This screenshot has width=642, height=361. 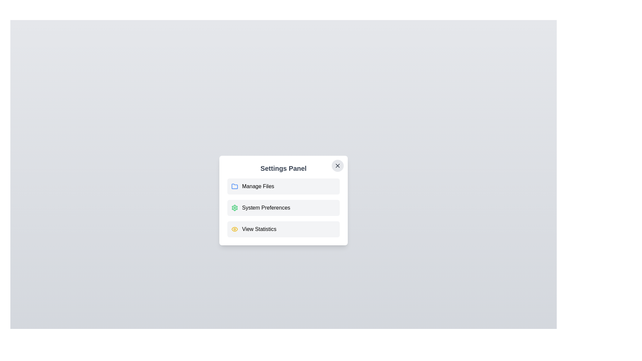 What do you see at coordinates (234, 207) in the screenshot?
I see `the green gear icon located in the second row of the 'Settings Panel', directly` at bounding box center [234, 207].